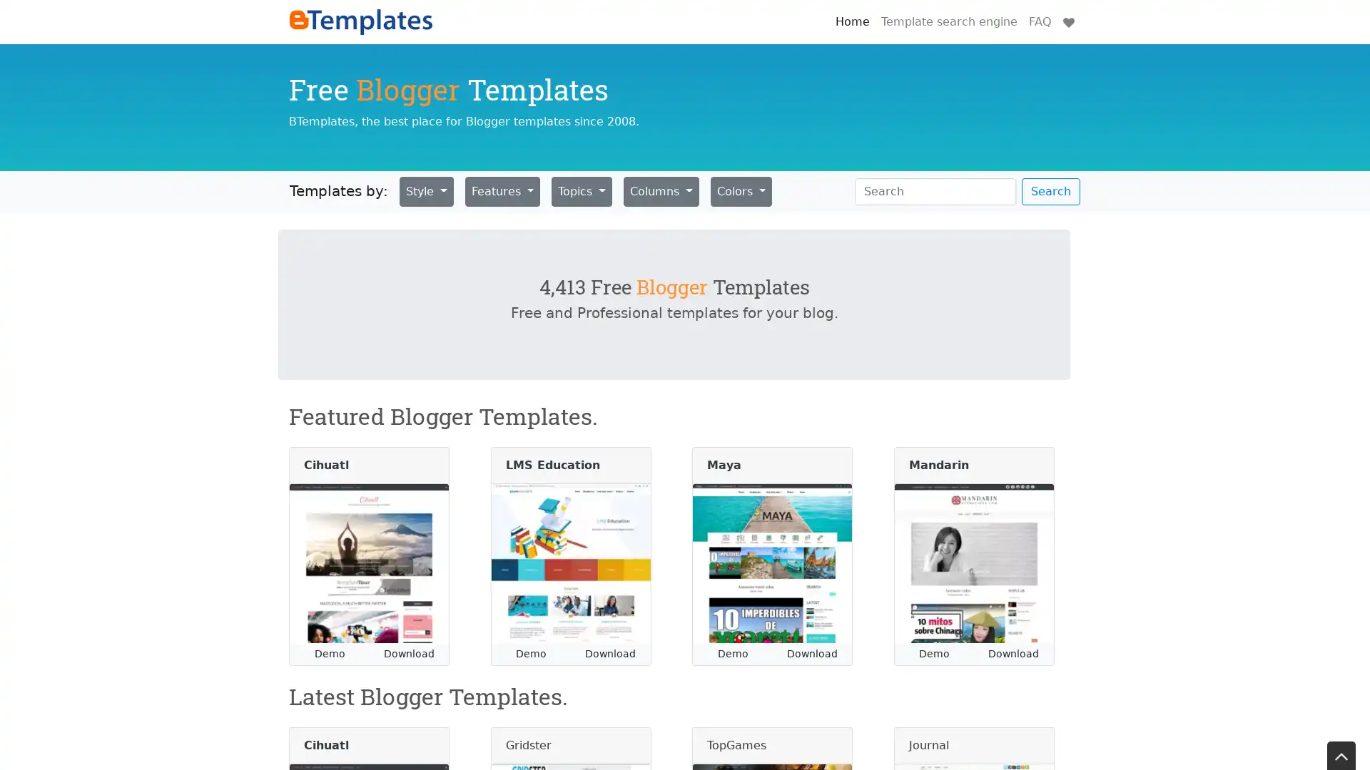 The height and width of the screenshot is (770, 1370). Describe the element at coordinates (609, 653) in the screenshot. I see `Download` at that location.